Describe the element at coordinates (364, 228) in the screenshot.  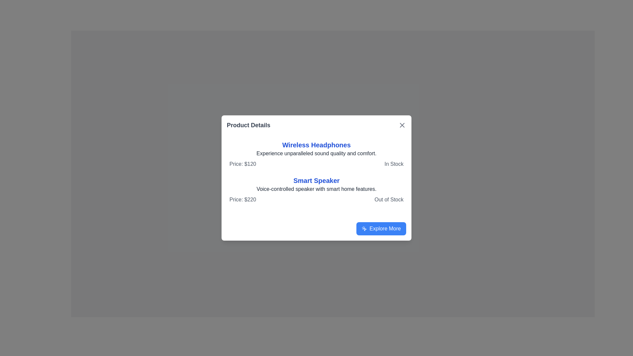
I see `the decorative icon located on the left side of the 'Explore More' button` at that location.